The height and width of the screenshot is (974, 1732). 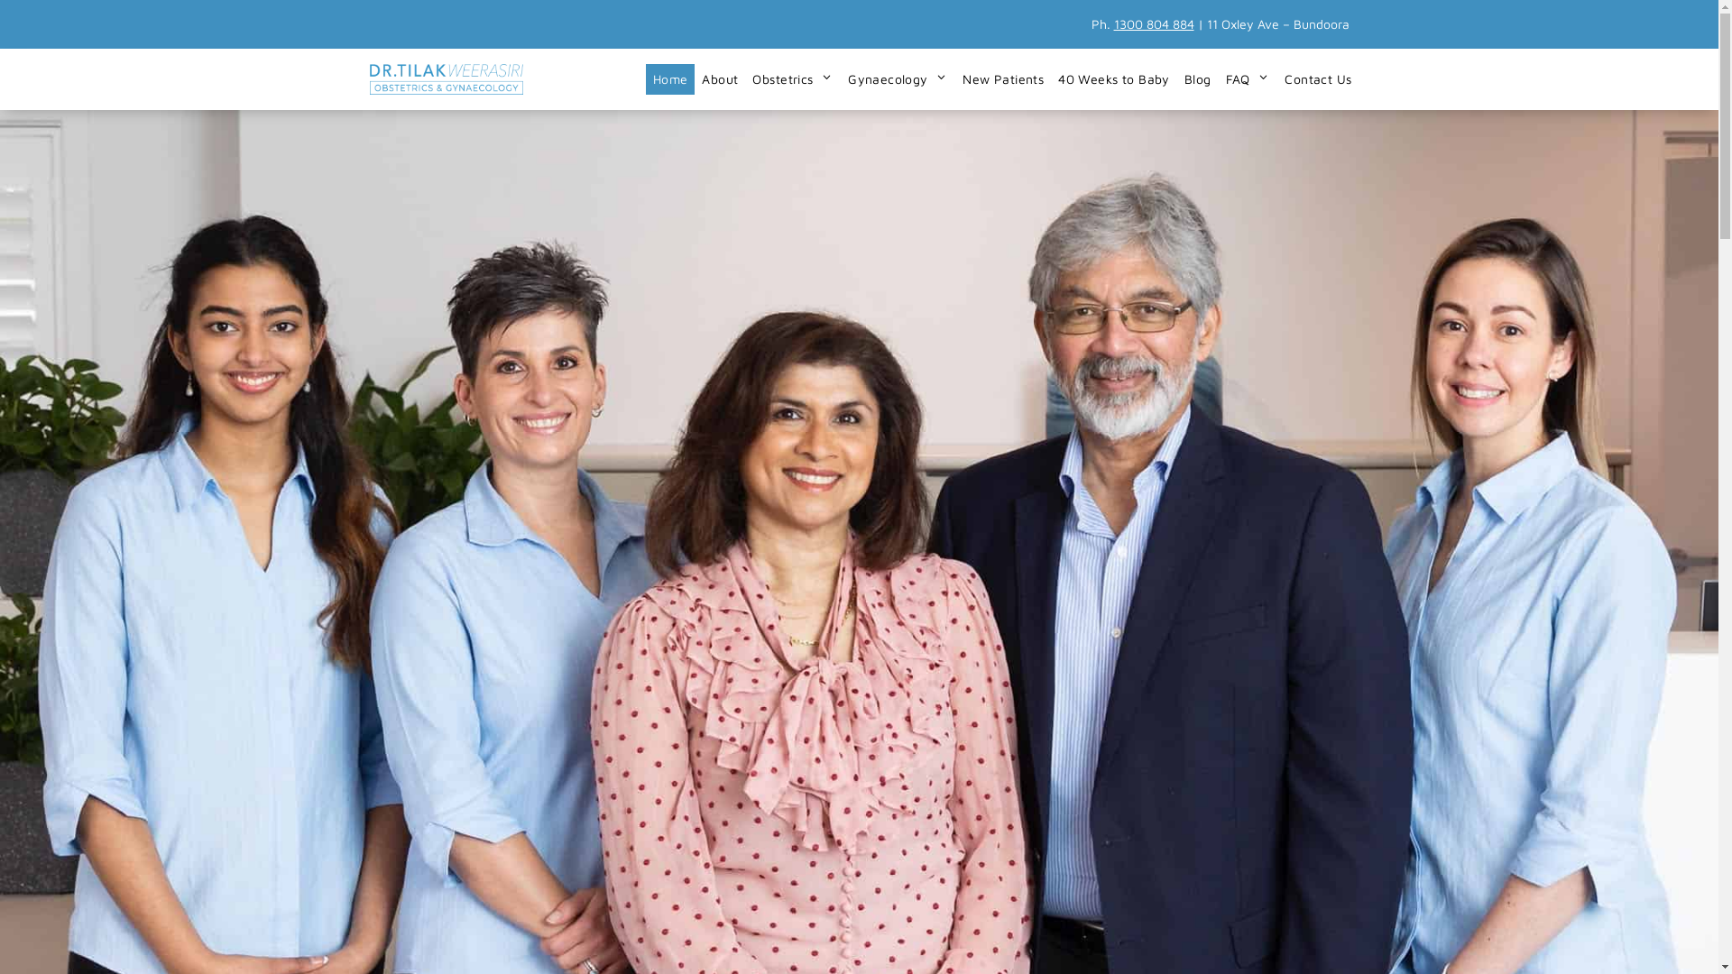 I want to click on 'Gynaecology', so click(x=898, y=78).